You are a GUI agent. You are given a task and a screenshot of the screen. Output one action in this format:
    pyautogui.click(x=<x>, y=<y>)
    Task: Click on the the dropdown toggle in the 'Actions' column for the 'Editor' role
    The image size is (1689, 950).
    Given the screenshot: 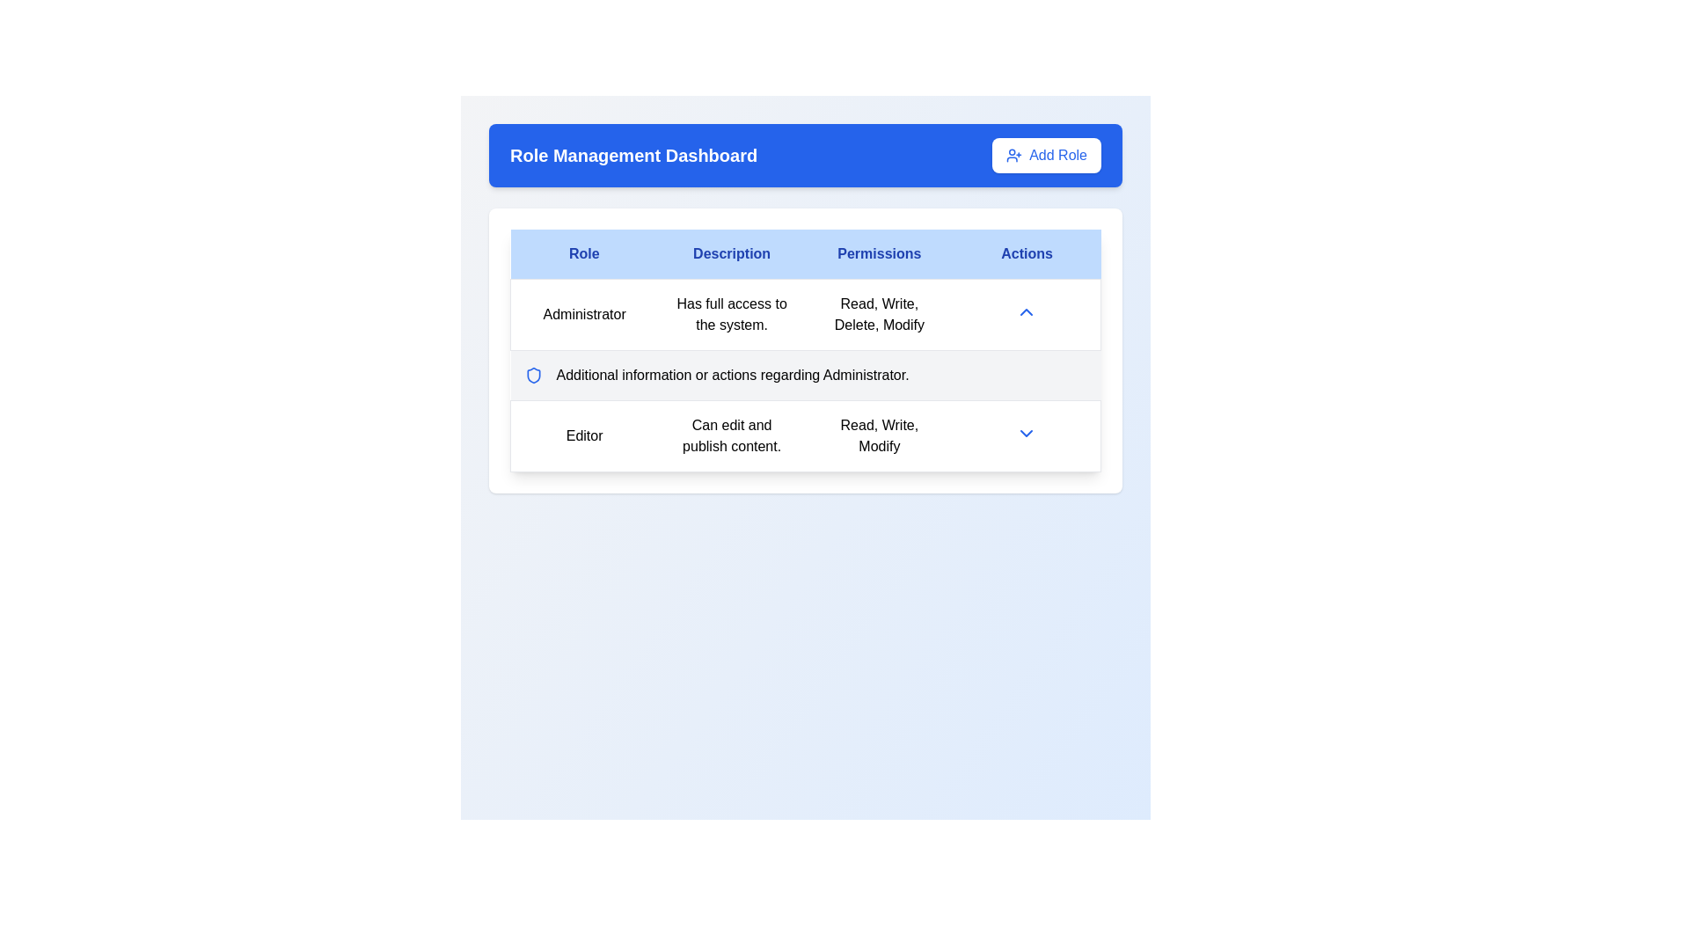 What is the action you would take?
    pyautogui.click(x=1027, y=433)
    